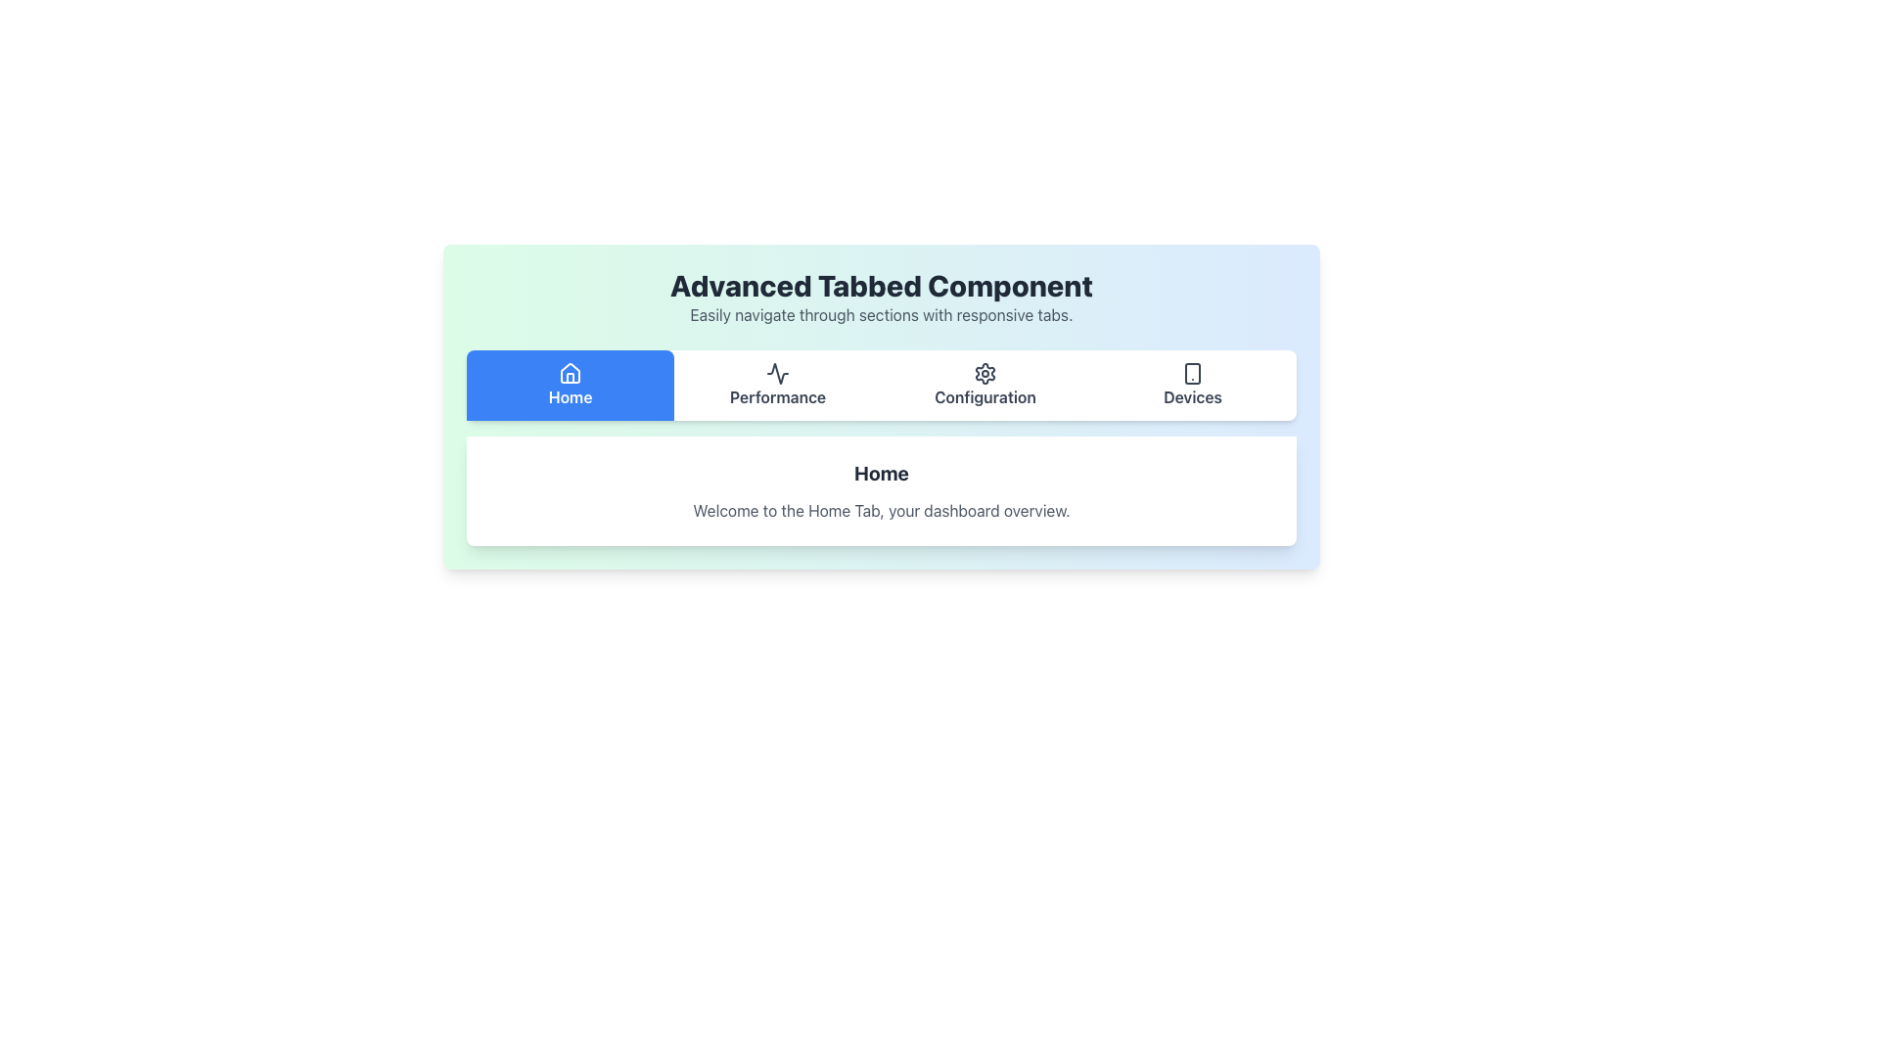 The image size is (1879, 1057). I want to click on the Informational Block element displaying 'Home' and 'Welcome to the Home Tab, your dashboard overview.', so click(881, 489).